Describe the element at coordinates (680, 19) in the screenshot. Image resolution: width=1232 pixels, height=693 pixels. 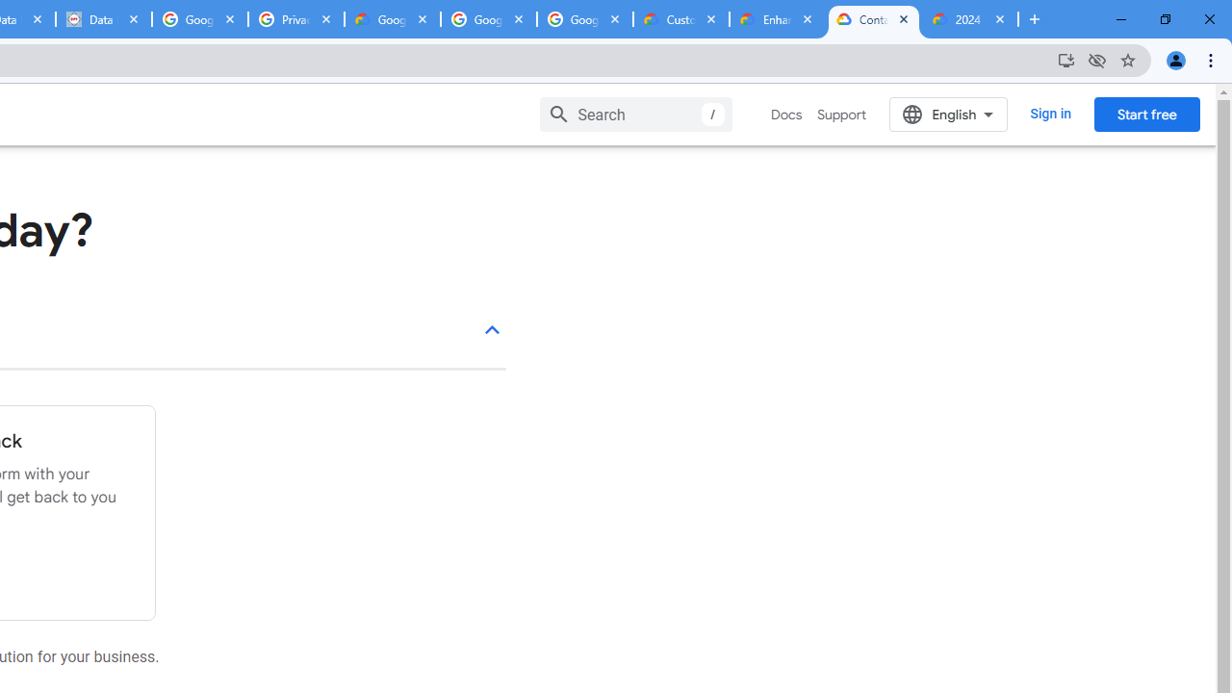
I see `'Customer Care | Google Cloud'` at that location.